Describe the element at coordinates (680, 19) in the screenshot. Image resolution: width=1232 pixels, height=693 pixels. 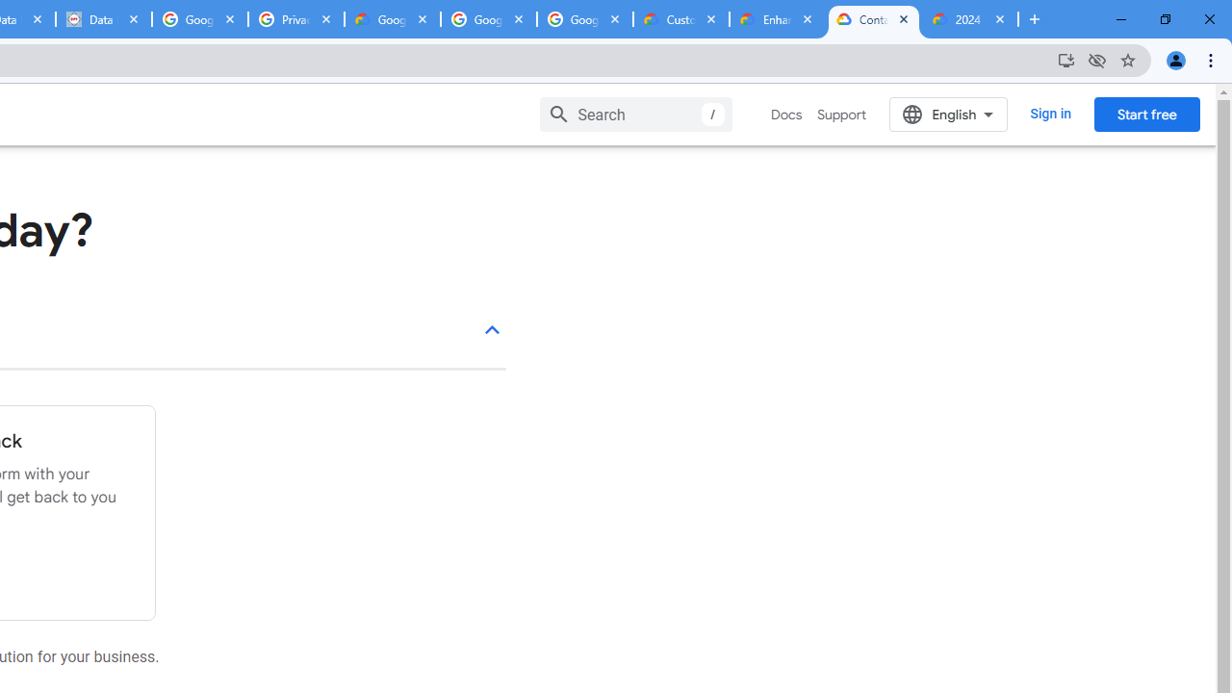
I see `'Customer Care | Google Cloud'` at that location.